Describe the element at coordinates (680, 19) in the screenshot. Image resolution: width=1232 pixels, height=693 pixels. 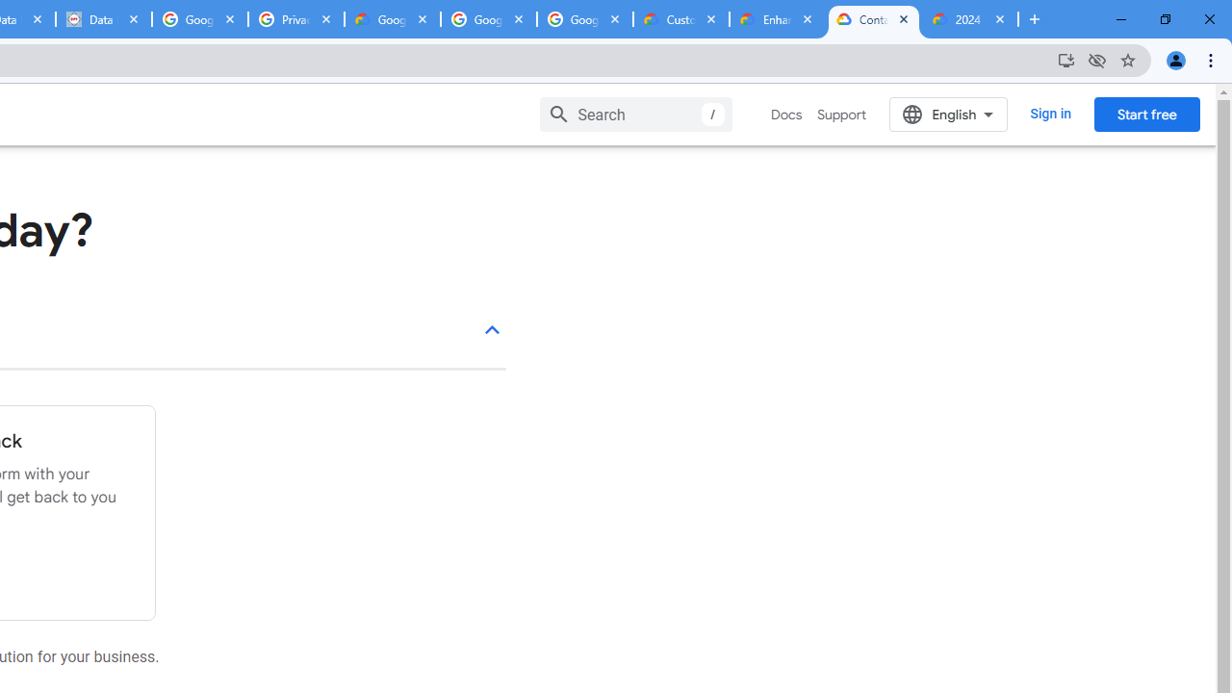
I see `'Customer Care | Google Cloud'` at that location.